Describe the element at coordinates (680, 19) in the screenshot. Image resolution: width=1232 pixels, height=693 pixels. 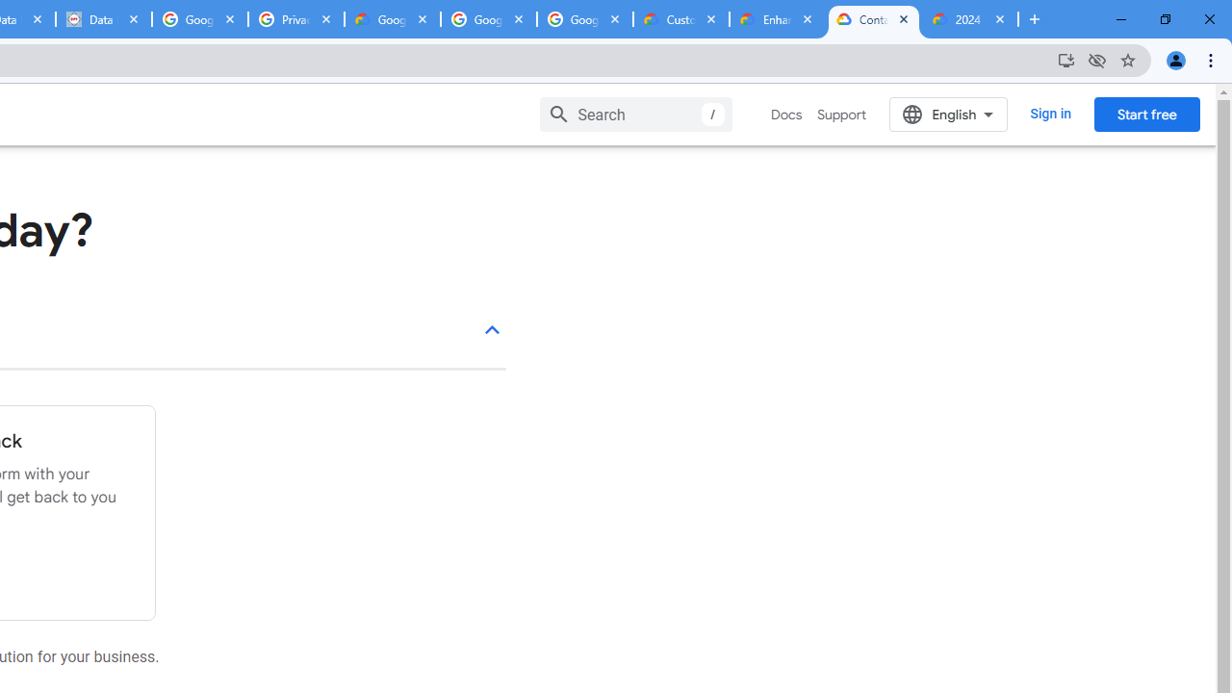
I see `'Customer Care | Google Cloud'` at that location.